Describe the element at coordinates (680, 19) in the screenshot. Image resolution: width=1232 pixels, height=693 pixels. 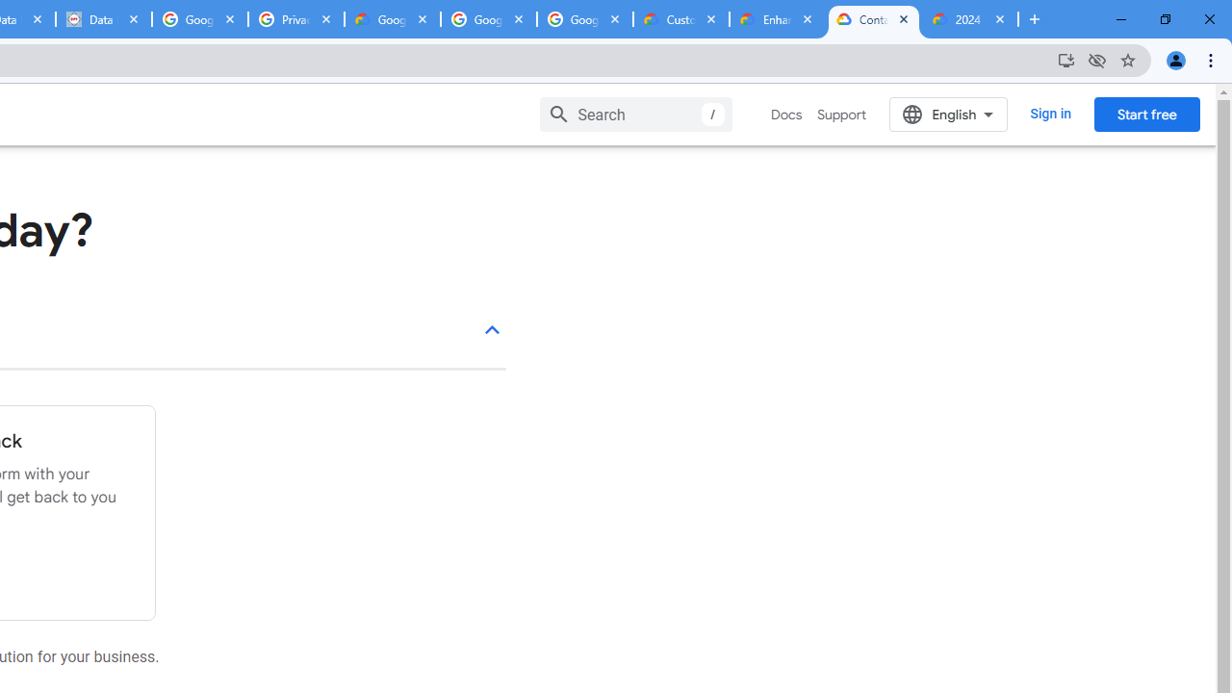
I see `'Customer Care | Google Cloud'` at that location.